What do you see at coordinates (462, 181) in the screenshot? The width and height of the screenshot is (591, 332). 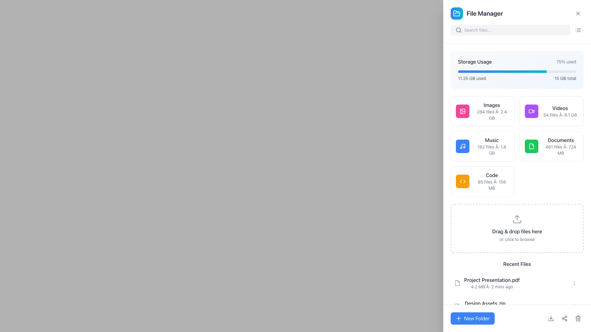 I see `the square button with rounded corners, featuring a vibrant amber-yellow background and a white icon resembling coding brackets, located in the 'Code' section under 'Storage Usage'` at bounding box center [462, 181].